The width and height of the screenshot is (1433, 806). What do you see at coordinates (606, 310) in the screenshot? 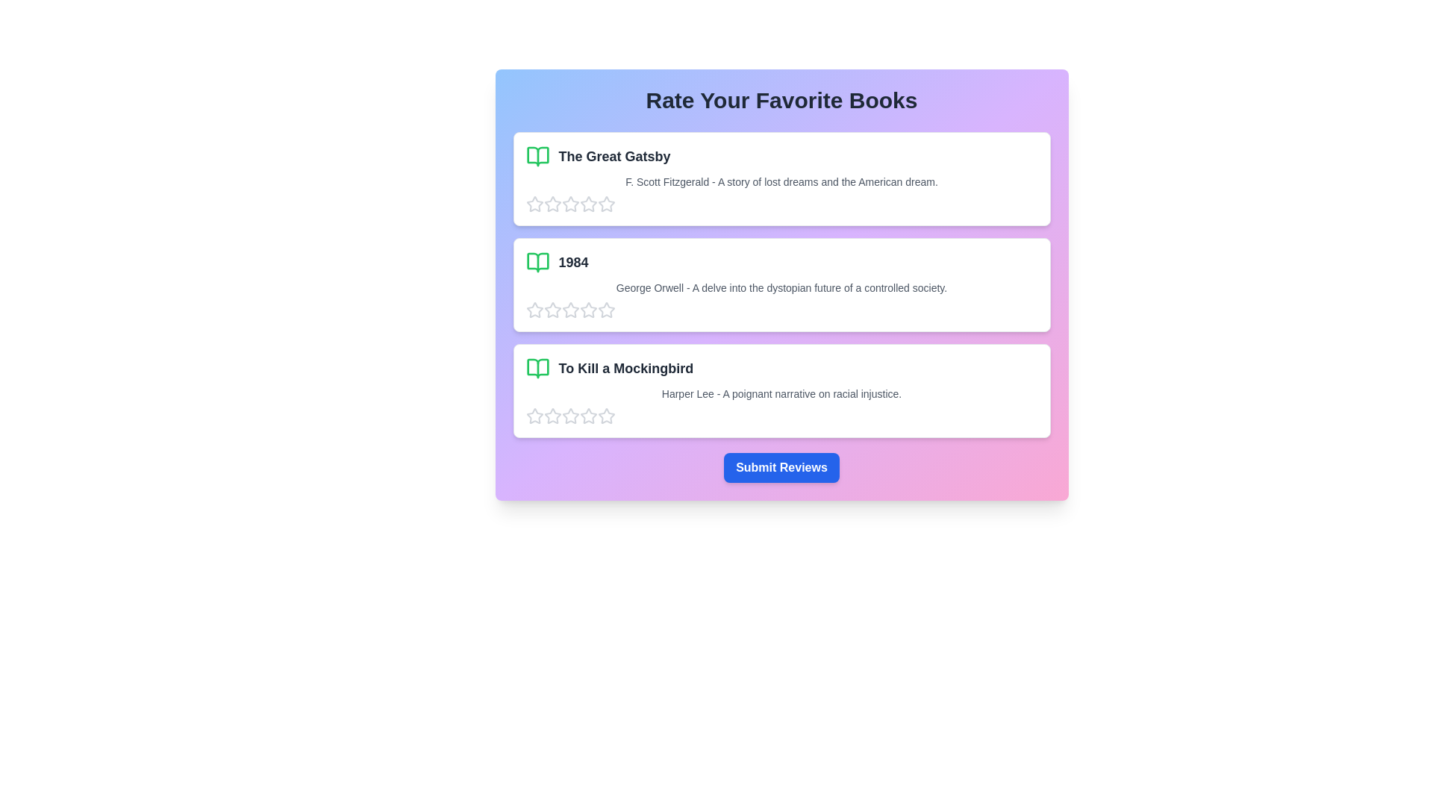
I see `the star corresponding to 5 for the book titled 1984` at bounding box center [606, 310].